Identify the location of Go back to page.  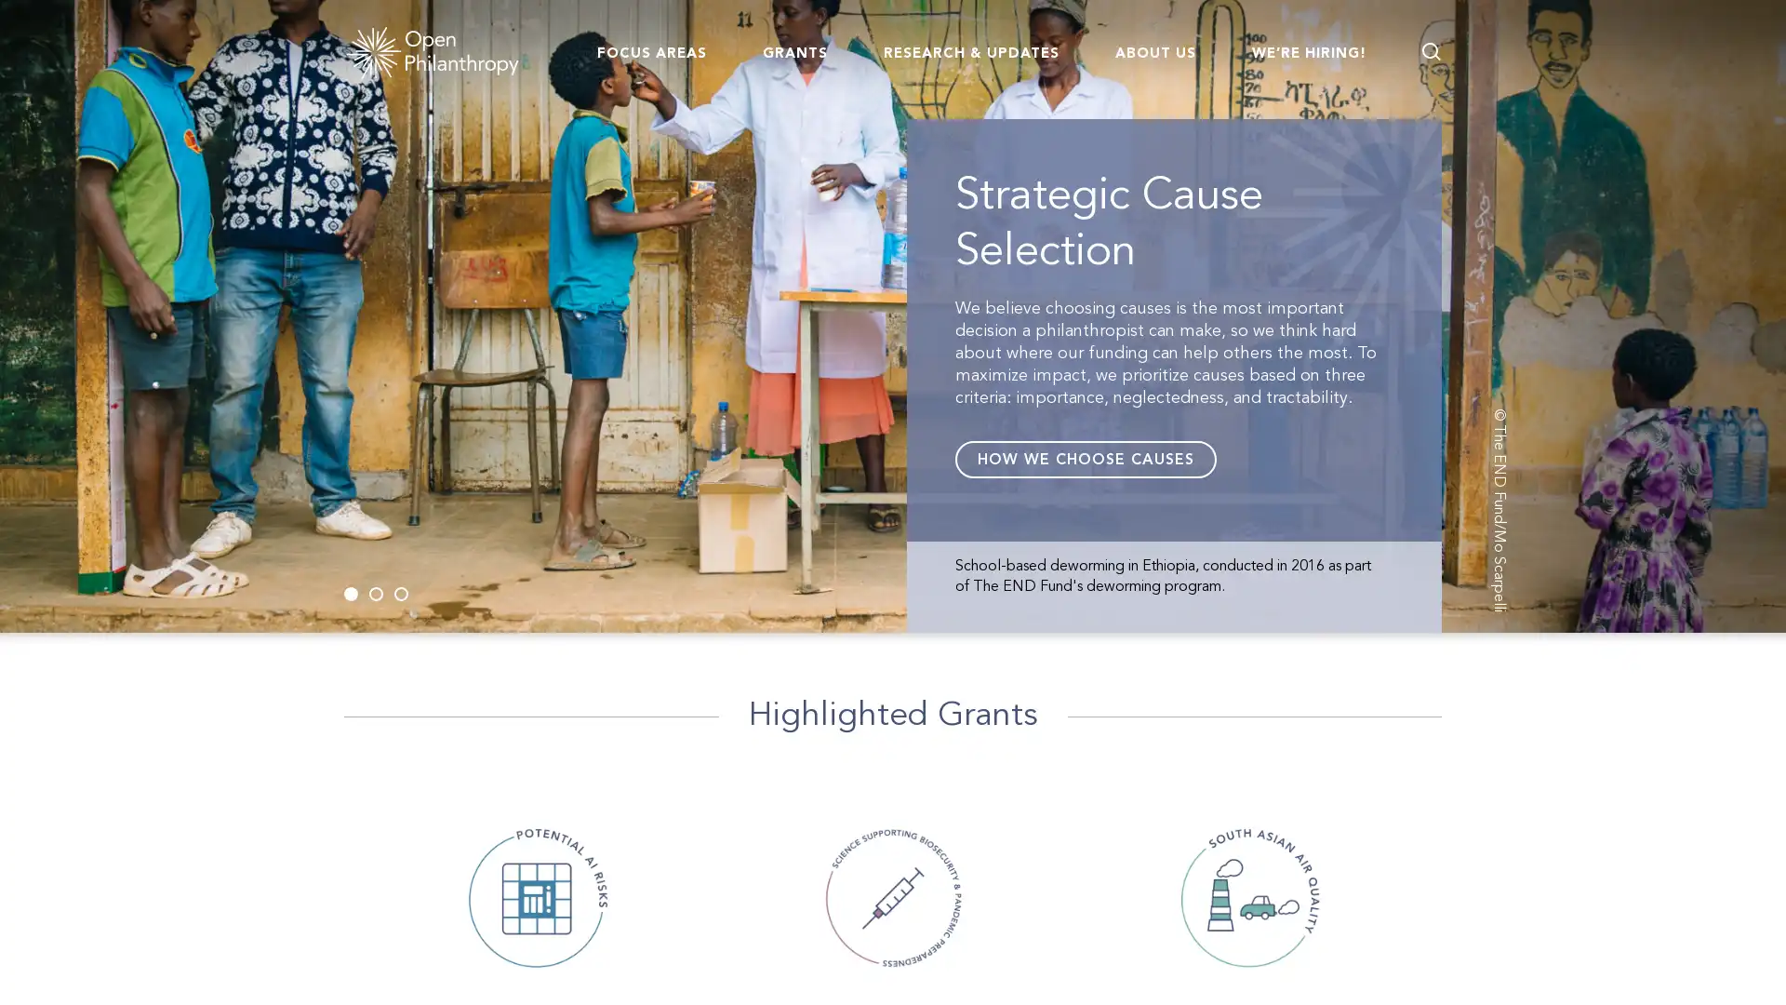
(1754, 40).